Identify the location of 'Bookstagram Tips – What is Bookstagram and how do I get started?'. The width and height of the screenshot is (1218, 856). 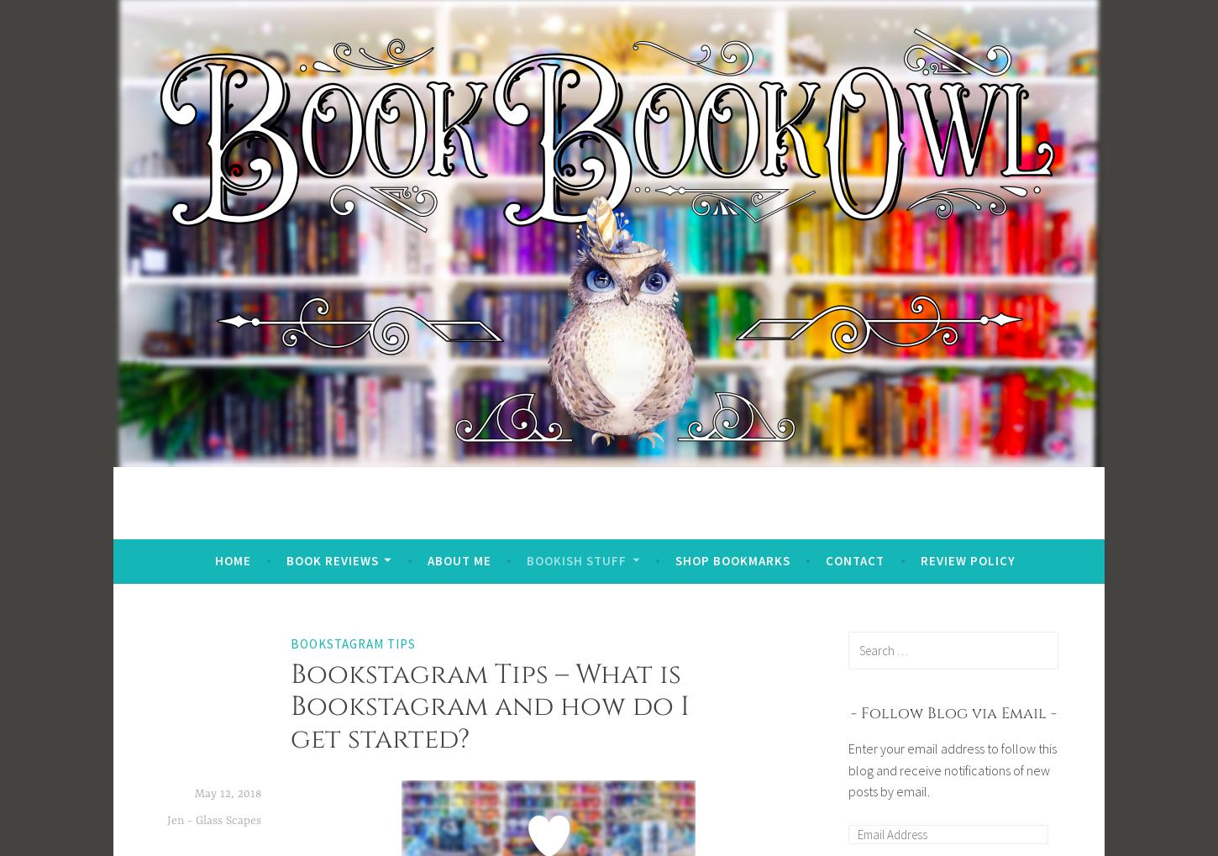
(490, 705).